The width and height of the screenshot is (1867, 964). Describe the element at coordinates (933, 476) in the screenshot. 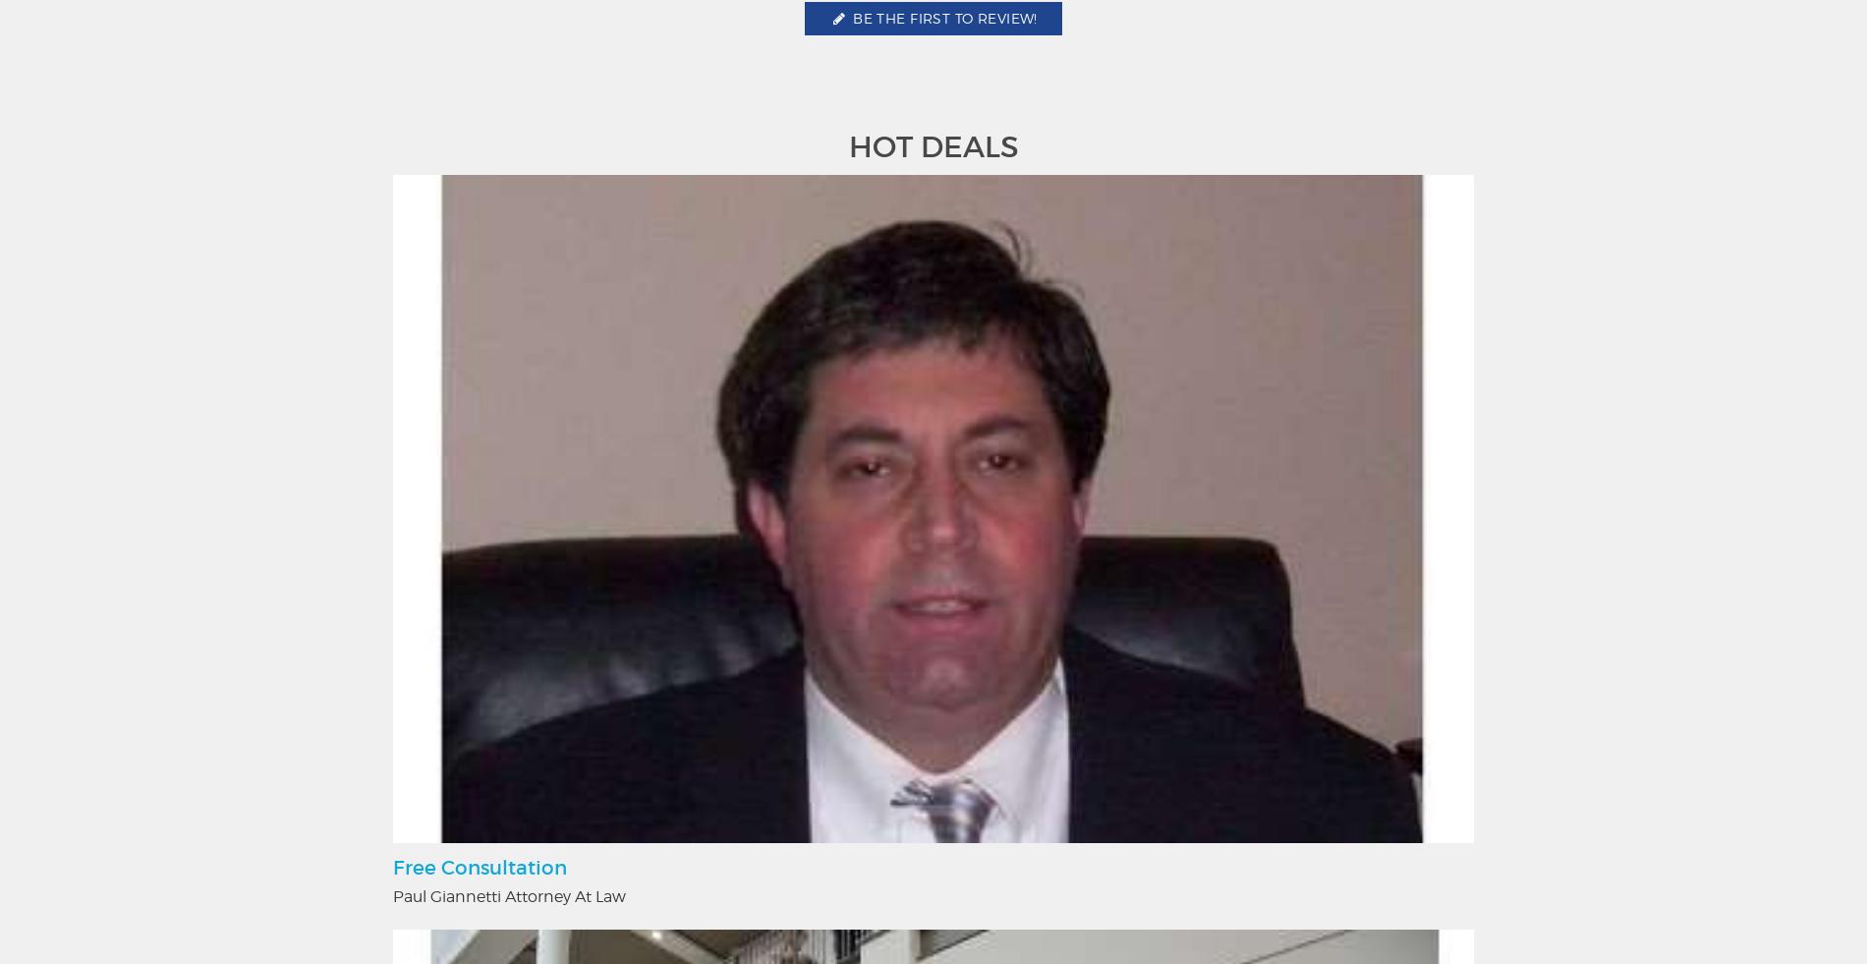

I see `'Follow, like and subscribe to albany.com on social media'` at that location.